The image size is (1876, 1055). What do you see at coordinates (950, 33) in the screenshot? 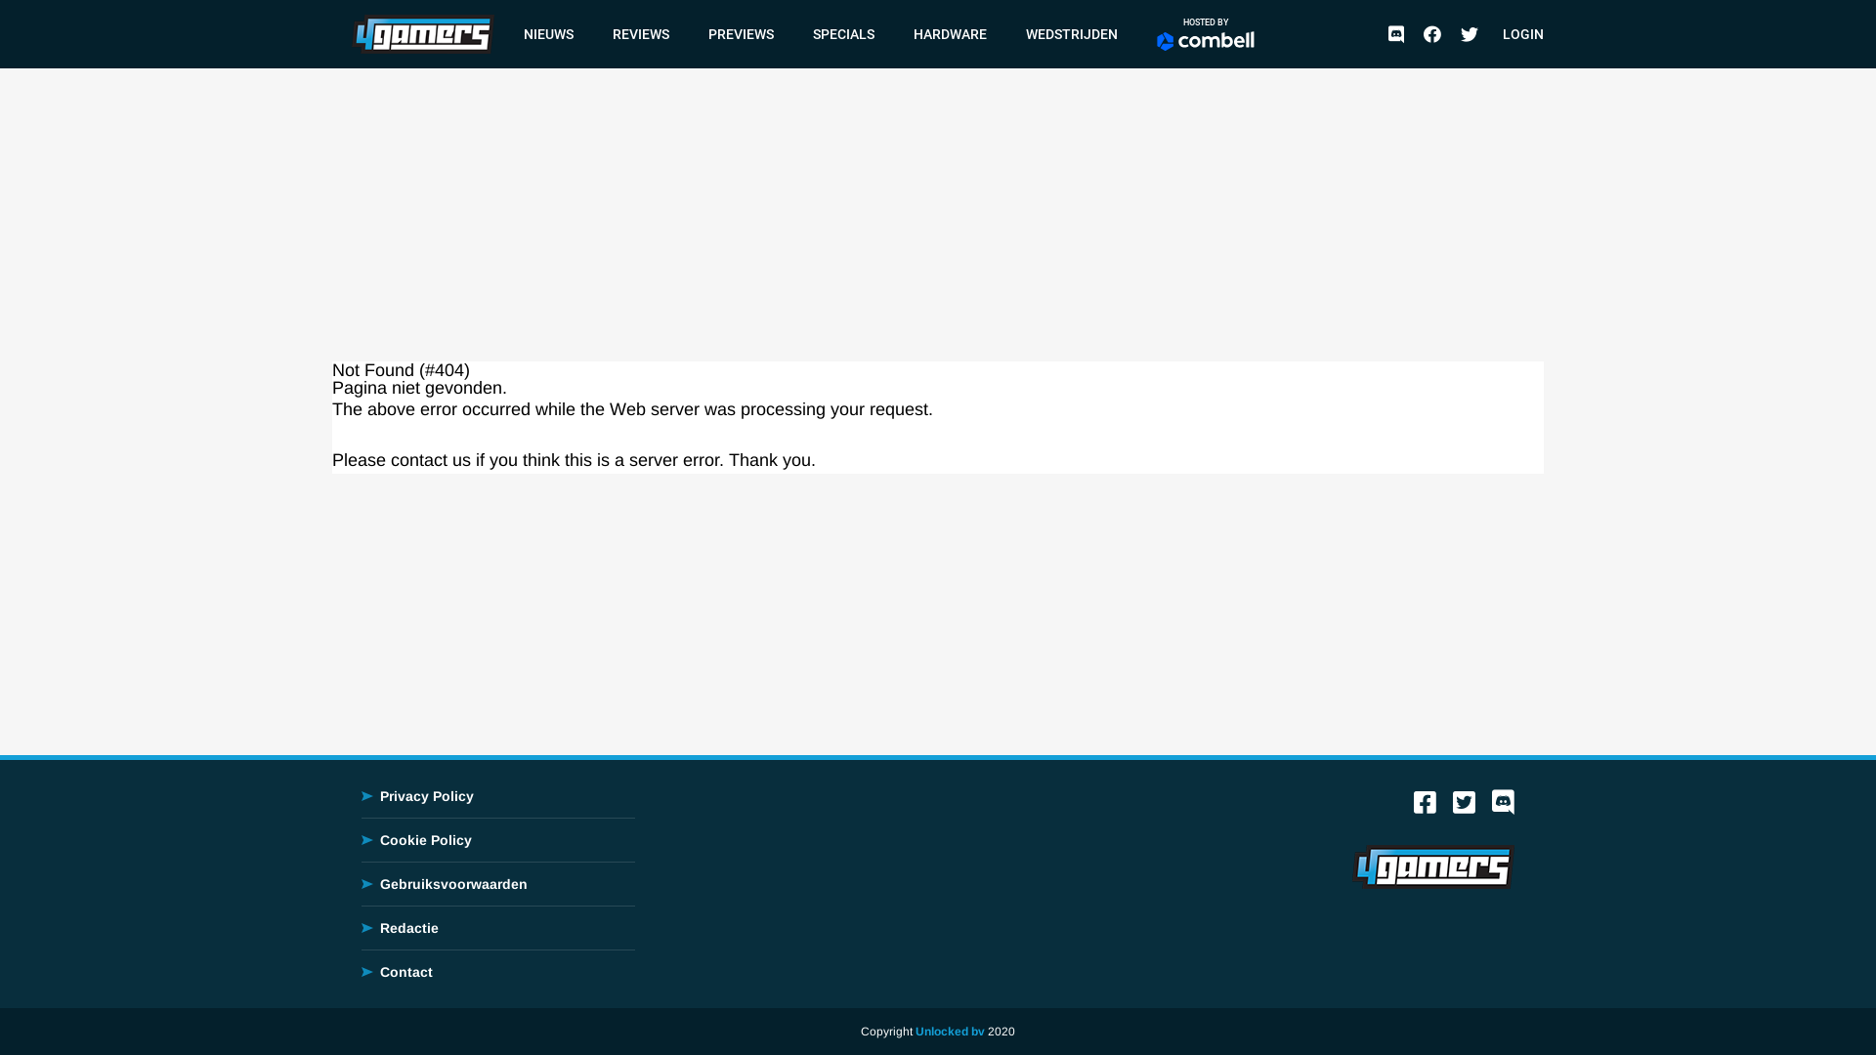
I see `'HARDWARE'` at bounding box center [950, 33].